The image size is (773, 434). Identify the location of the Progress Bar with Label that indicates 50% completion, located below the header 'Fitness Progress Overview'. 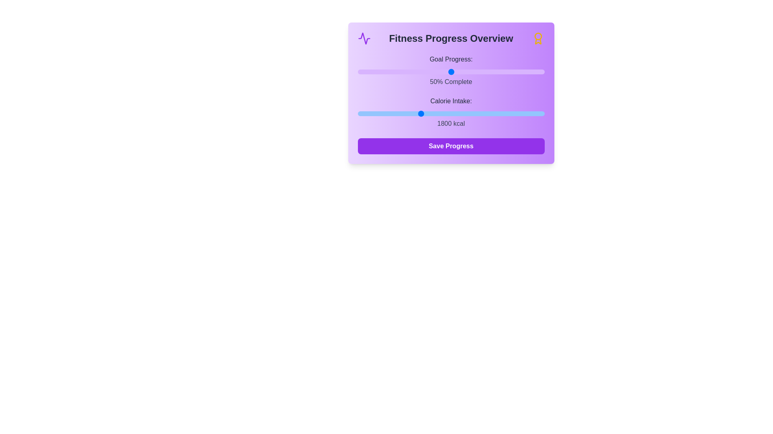
(451, 70).